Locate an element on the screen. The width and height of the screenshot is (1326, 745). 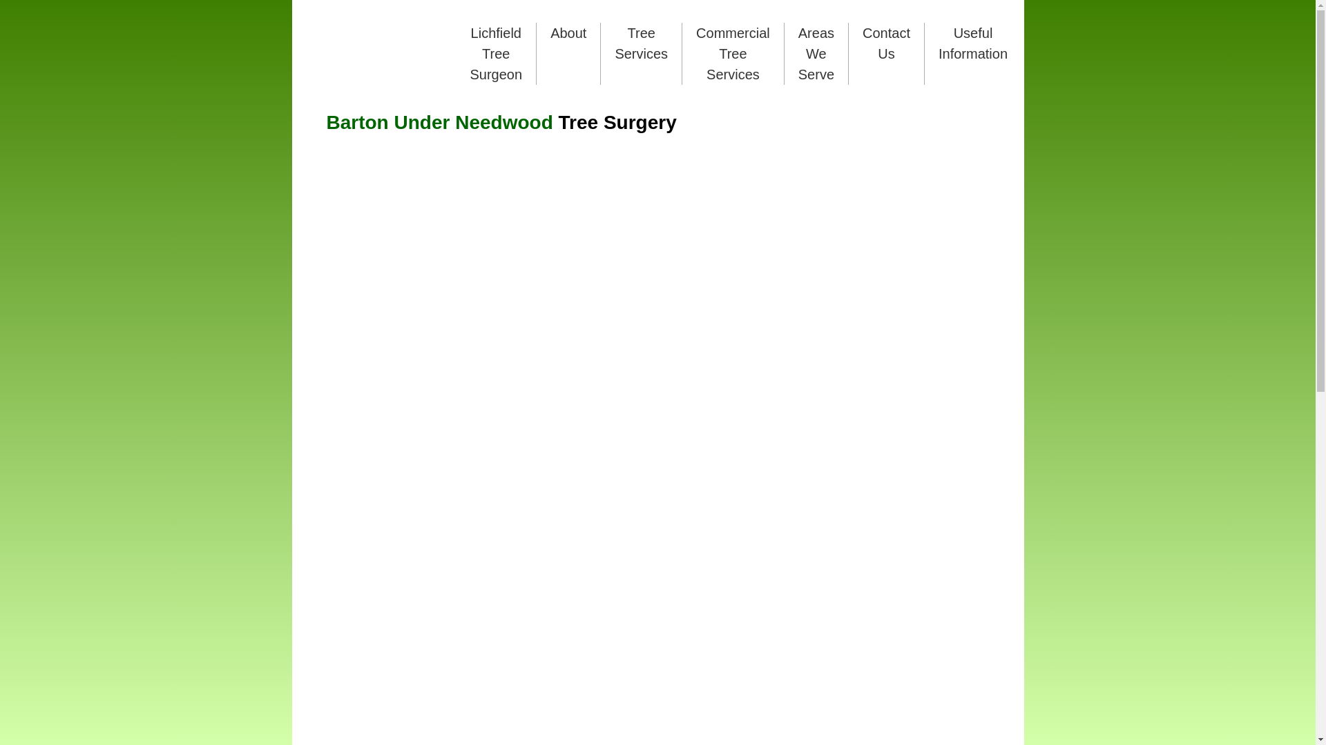
'Lichfield Tree Surgeon' is located at coordinates (496, 52).